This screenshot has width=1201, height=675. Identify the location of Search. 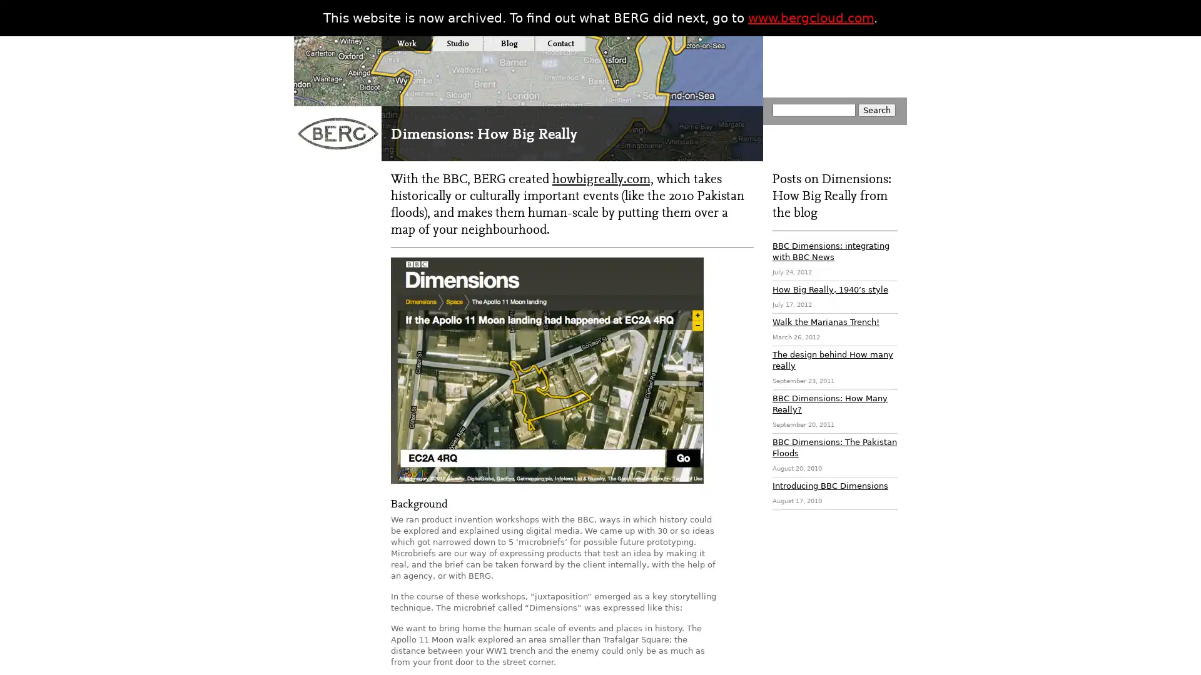
(876, 109).